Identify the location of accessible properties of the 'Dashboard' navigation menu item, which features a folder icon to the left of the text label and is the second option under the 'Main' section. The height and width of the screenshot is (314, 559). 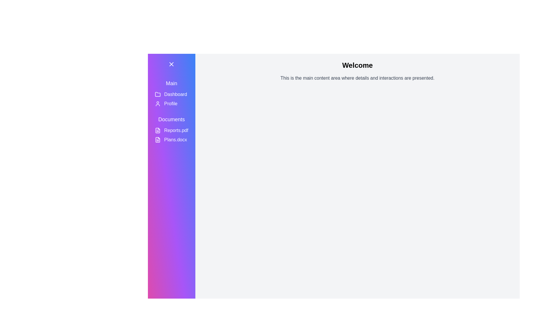
(171, 94).